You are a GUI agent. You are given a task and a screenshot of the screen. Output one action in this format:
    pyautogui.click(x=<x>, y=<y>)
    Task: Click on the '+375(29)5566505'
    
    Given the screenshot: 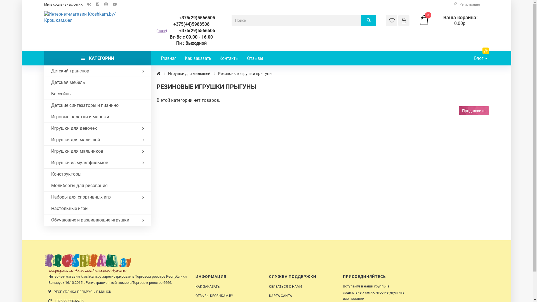 What is the action you would take?
    pyautogui.click(x=191, y=31)
    